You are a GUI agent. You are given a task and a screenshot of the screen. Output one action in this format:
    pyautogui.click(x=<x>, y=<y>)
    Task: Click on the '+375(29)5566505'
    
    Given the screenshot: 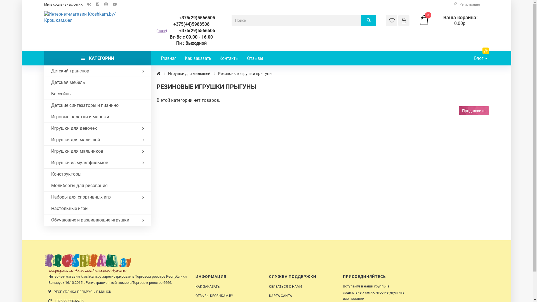 What is the action you would take?
    pyautogui.click(x=191, y=31)
    